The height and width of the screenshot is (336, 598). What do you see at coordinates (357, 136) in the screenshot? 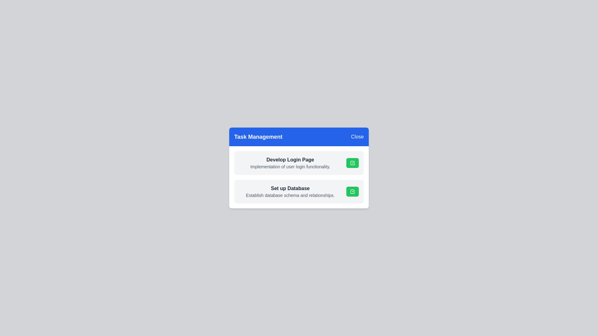
I see `the 'Close' button to close the dialog` at bounding box center [357, 136].